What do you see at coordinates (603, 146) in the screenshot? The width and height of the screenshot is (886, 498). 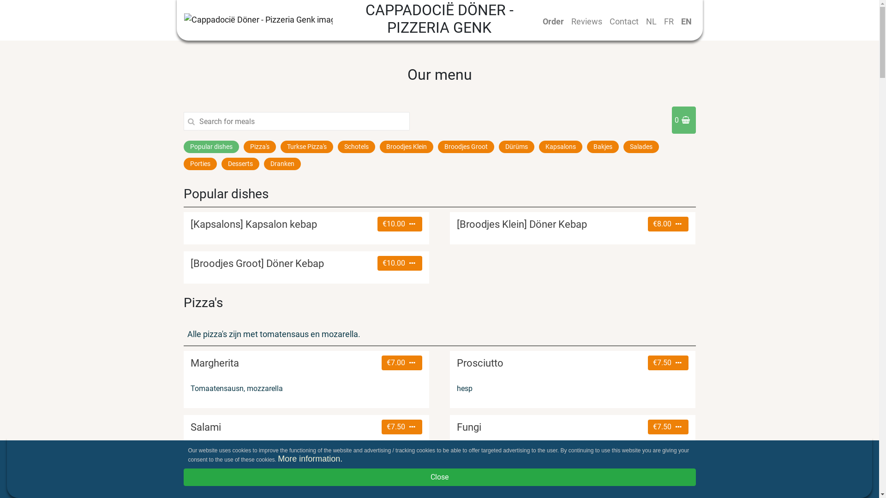 I see `'Bakjes'` at bounding box center [603, 146].